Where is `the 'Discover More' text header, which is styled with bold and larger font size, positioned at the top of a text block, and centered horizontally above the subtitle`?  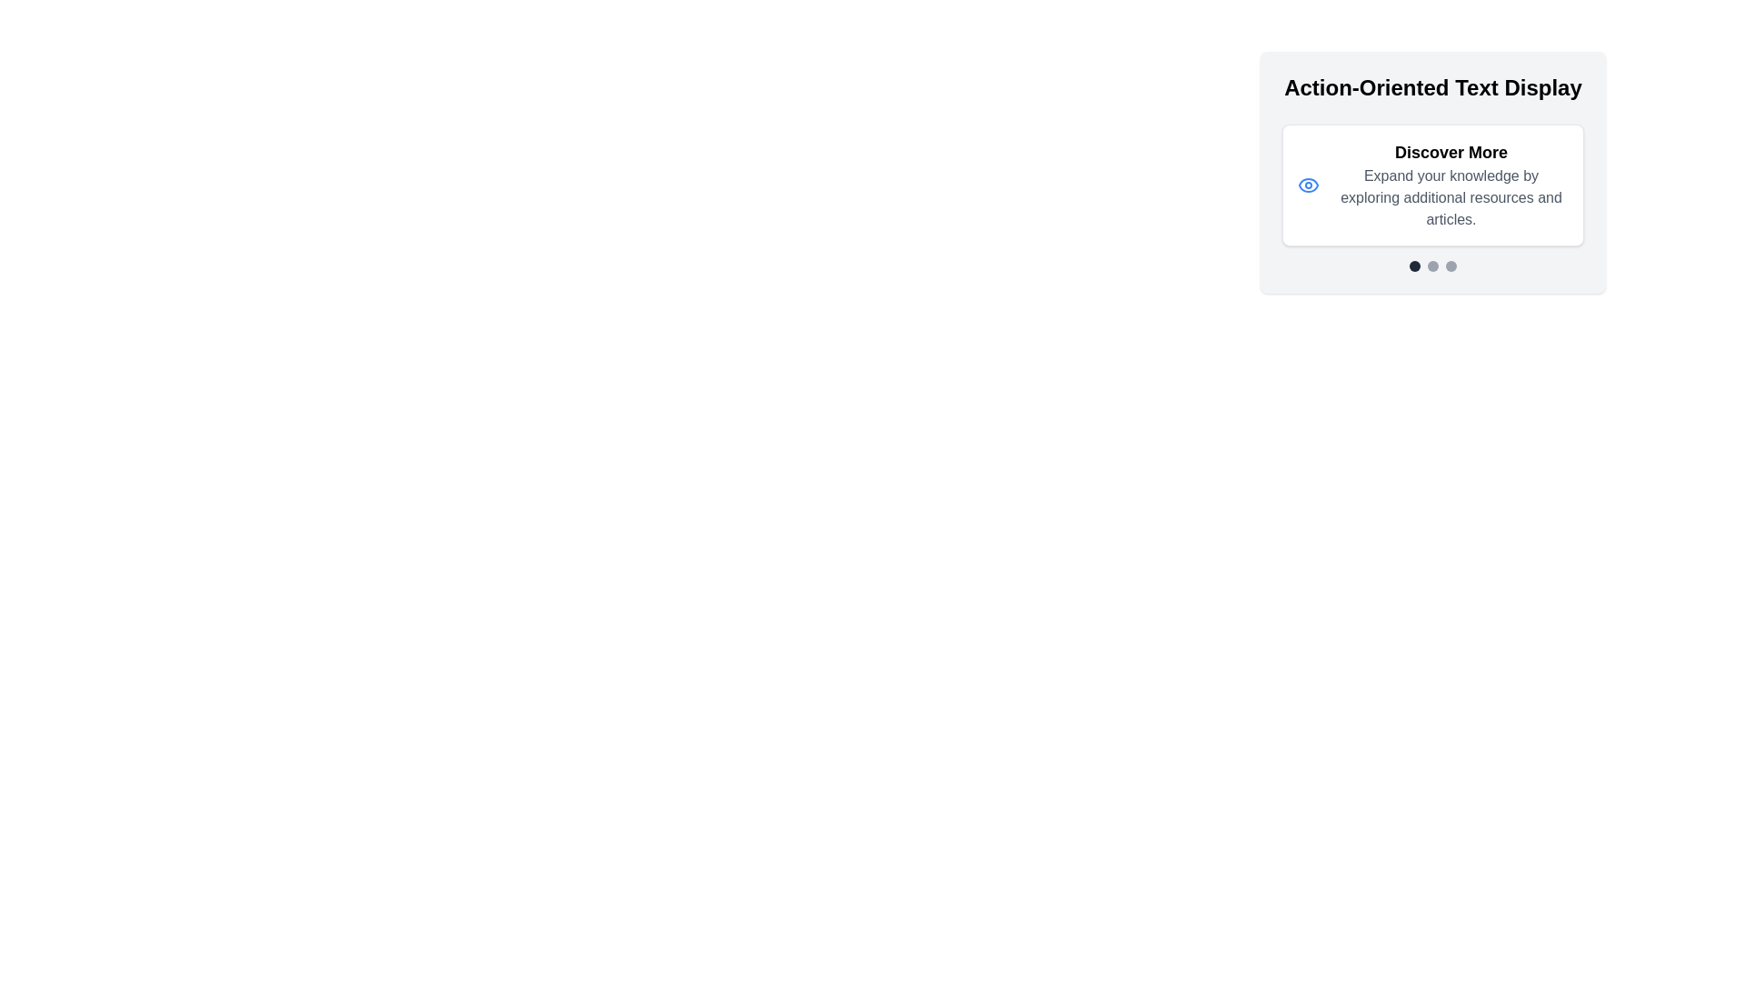
the 'Discover More' text header, which is styled with bold and larger font size, positioned at the top of a text block, and centered horizontally above the subtitle is located at coordinates (1451, 152).